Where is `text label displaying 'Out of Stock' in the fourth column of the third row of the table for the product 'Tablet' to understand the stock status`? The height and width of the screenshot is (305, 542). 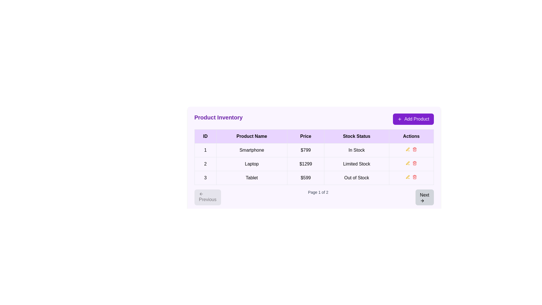
text label displaying 'Out of Stock' in the fourth column of the third row of the table for the product 'Tablet' to understand the stock status is located at coordinates (356, 177).